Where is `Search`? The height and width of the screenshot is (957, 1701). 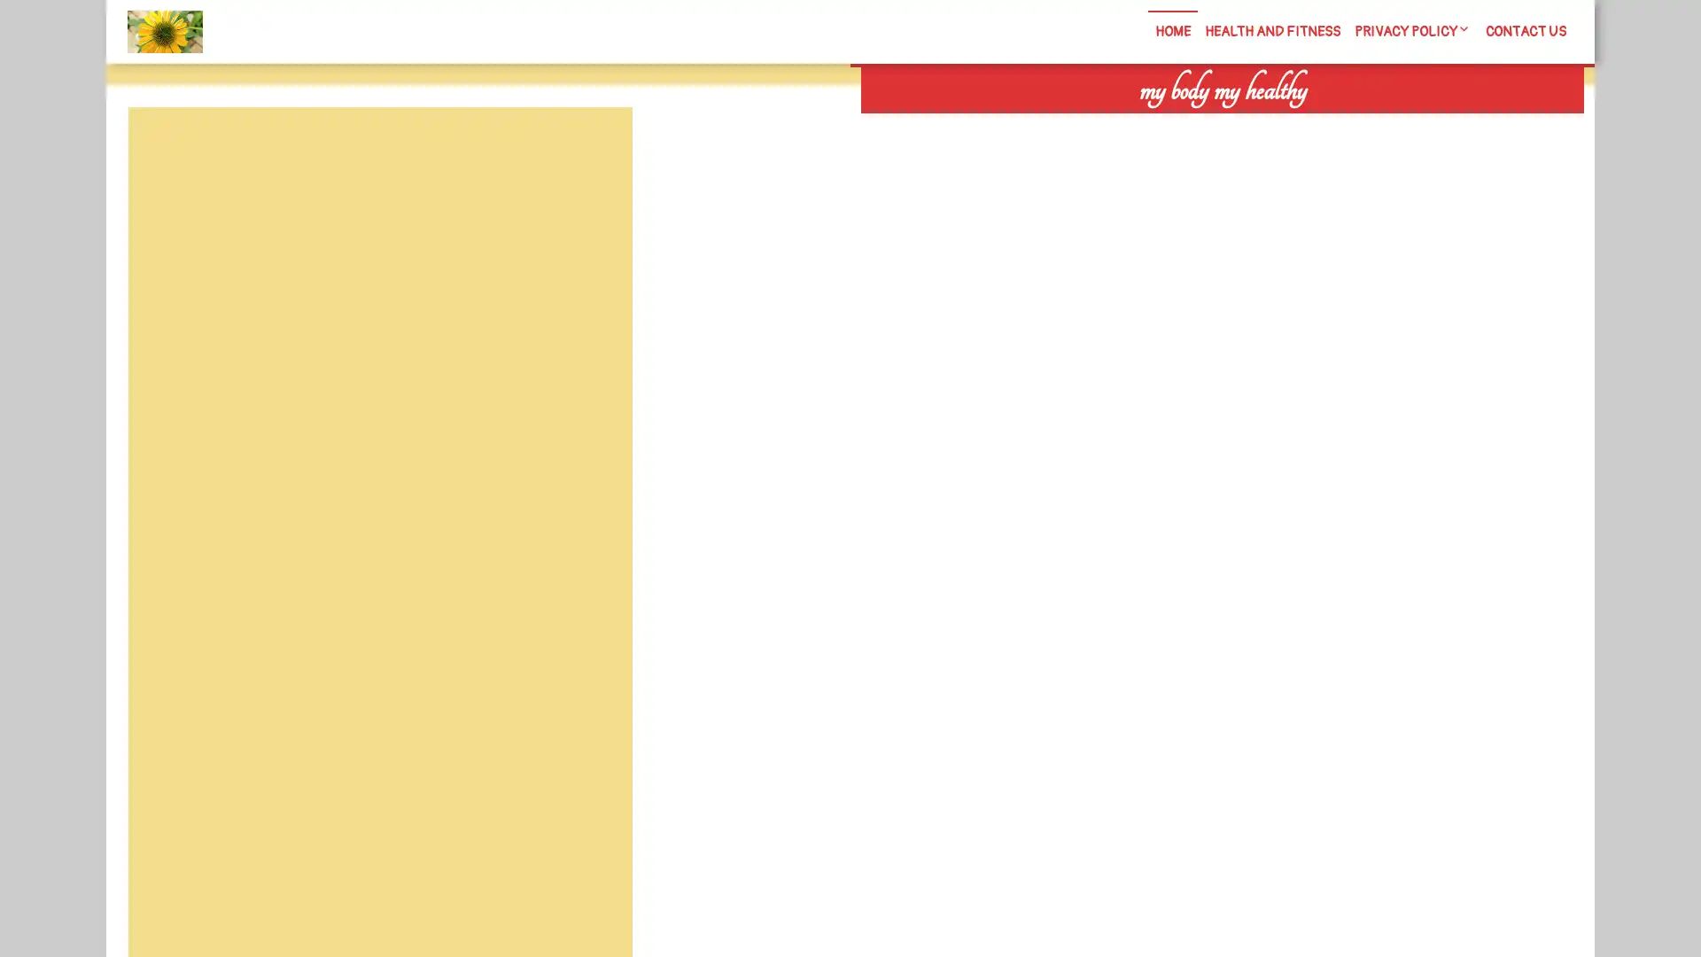 Search is located at coordinates (591, 149).